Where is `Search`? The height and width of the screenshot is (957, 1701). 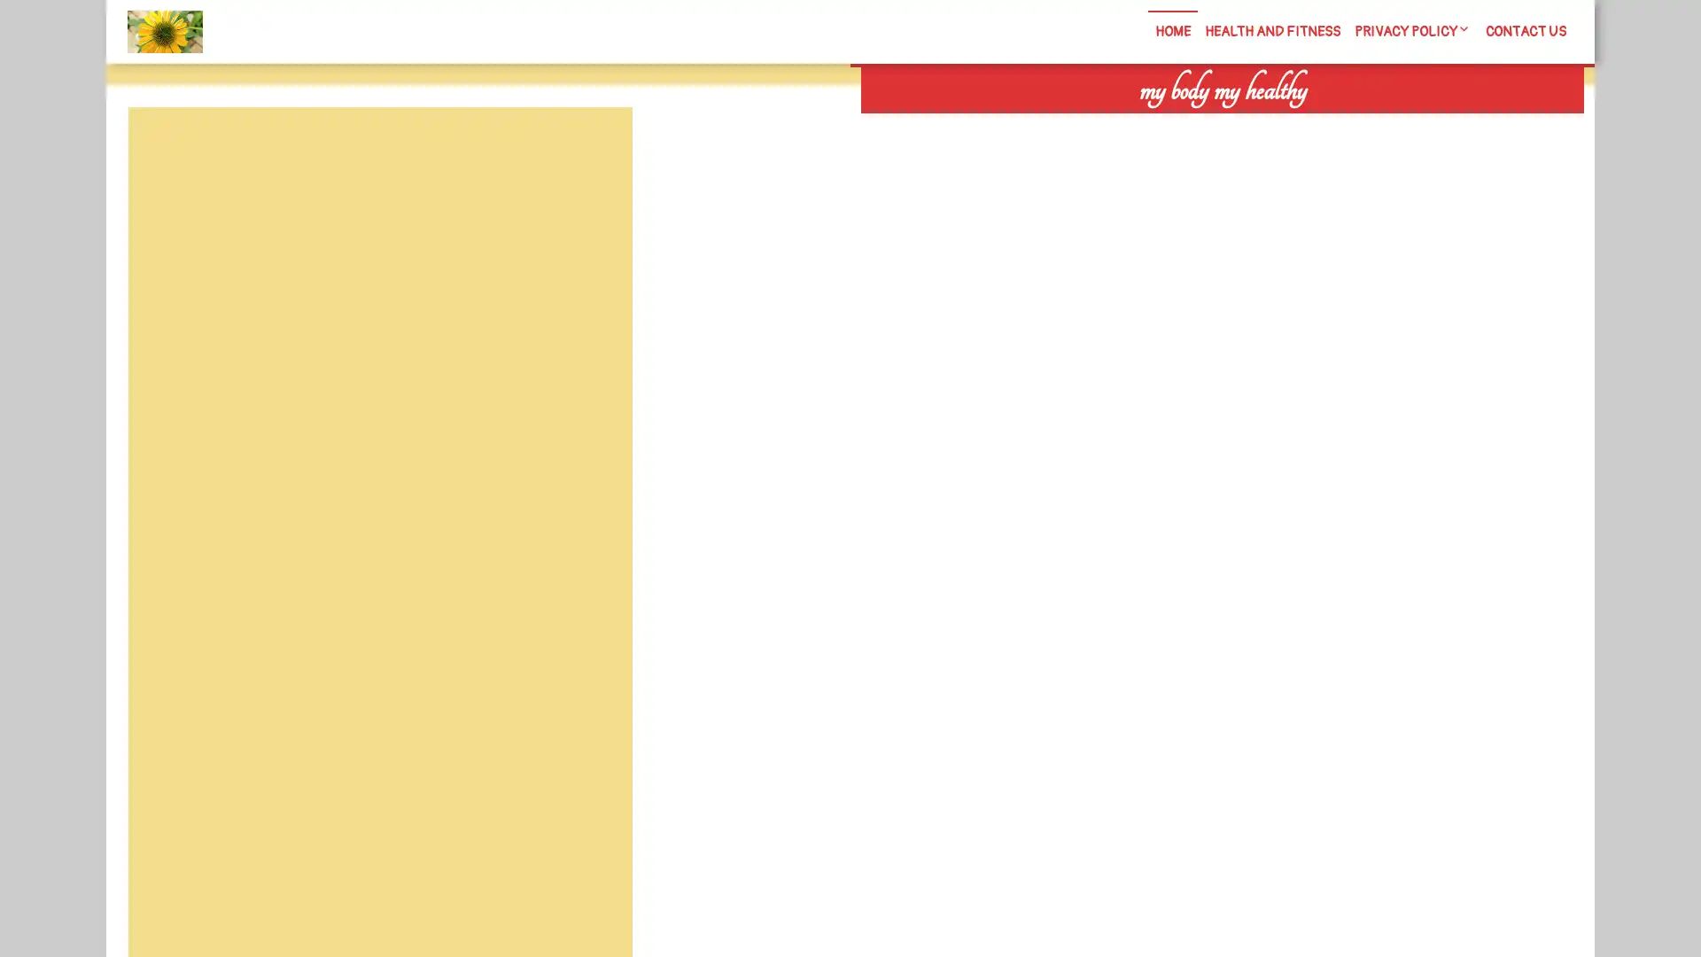 Search is located at coordinates (591, 149).